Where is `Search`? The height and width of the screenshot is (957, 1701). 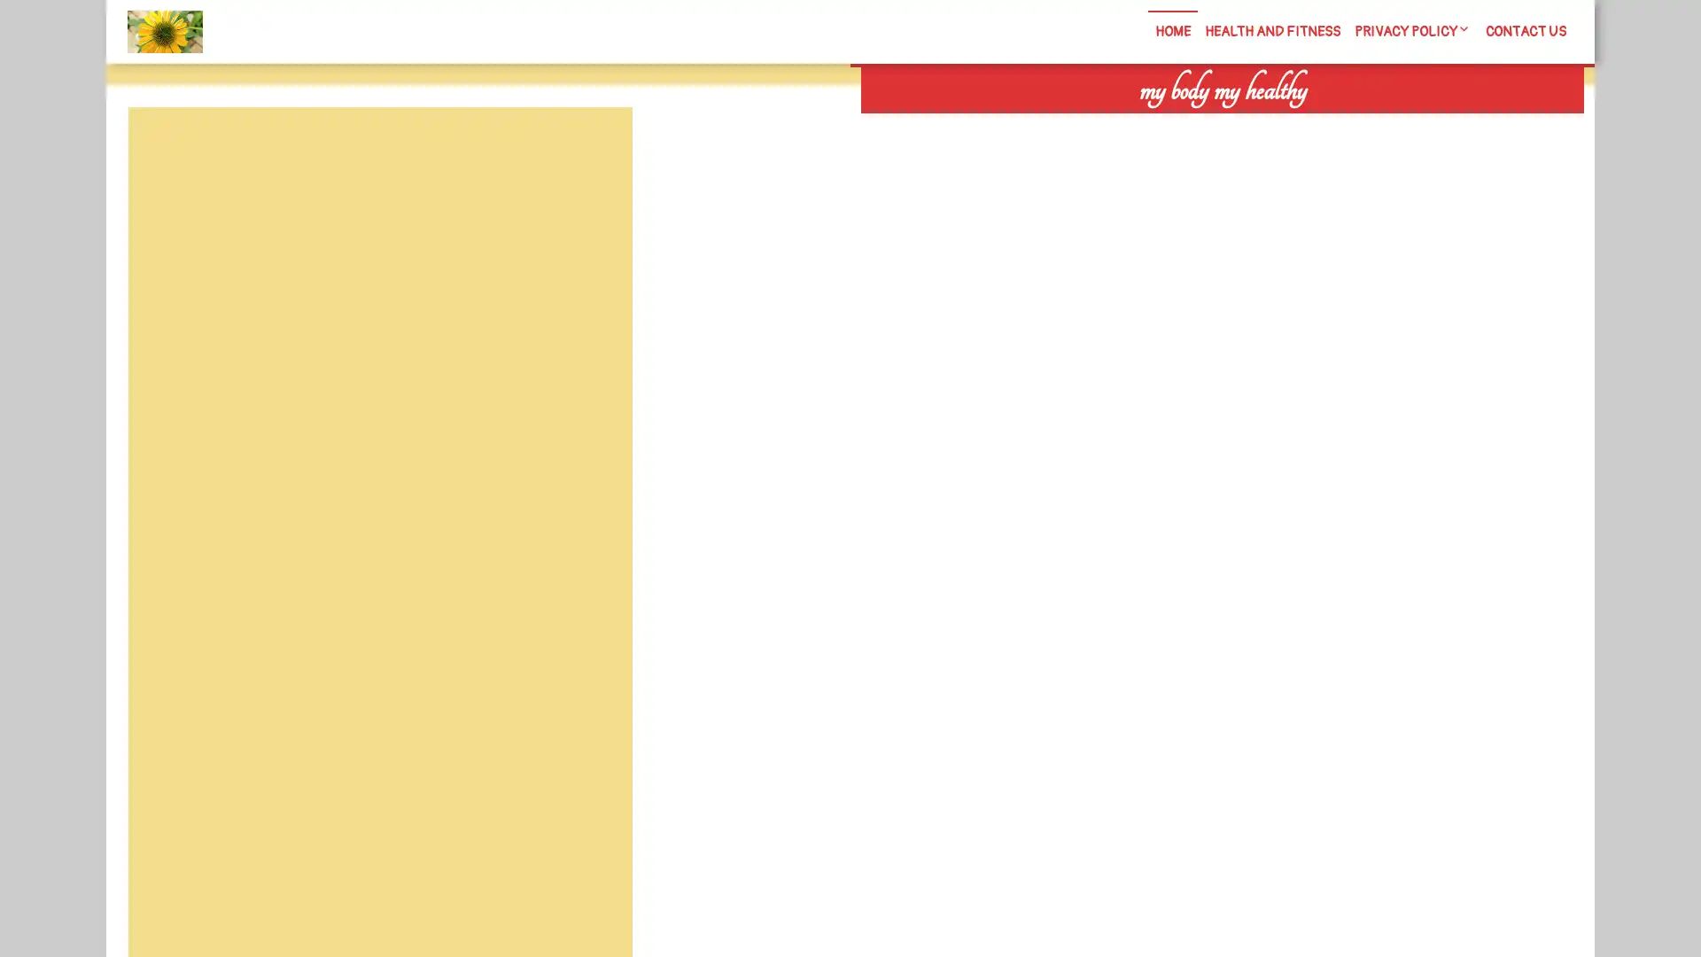 Search is located at coordinates (591, 149).